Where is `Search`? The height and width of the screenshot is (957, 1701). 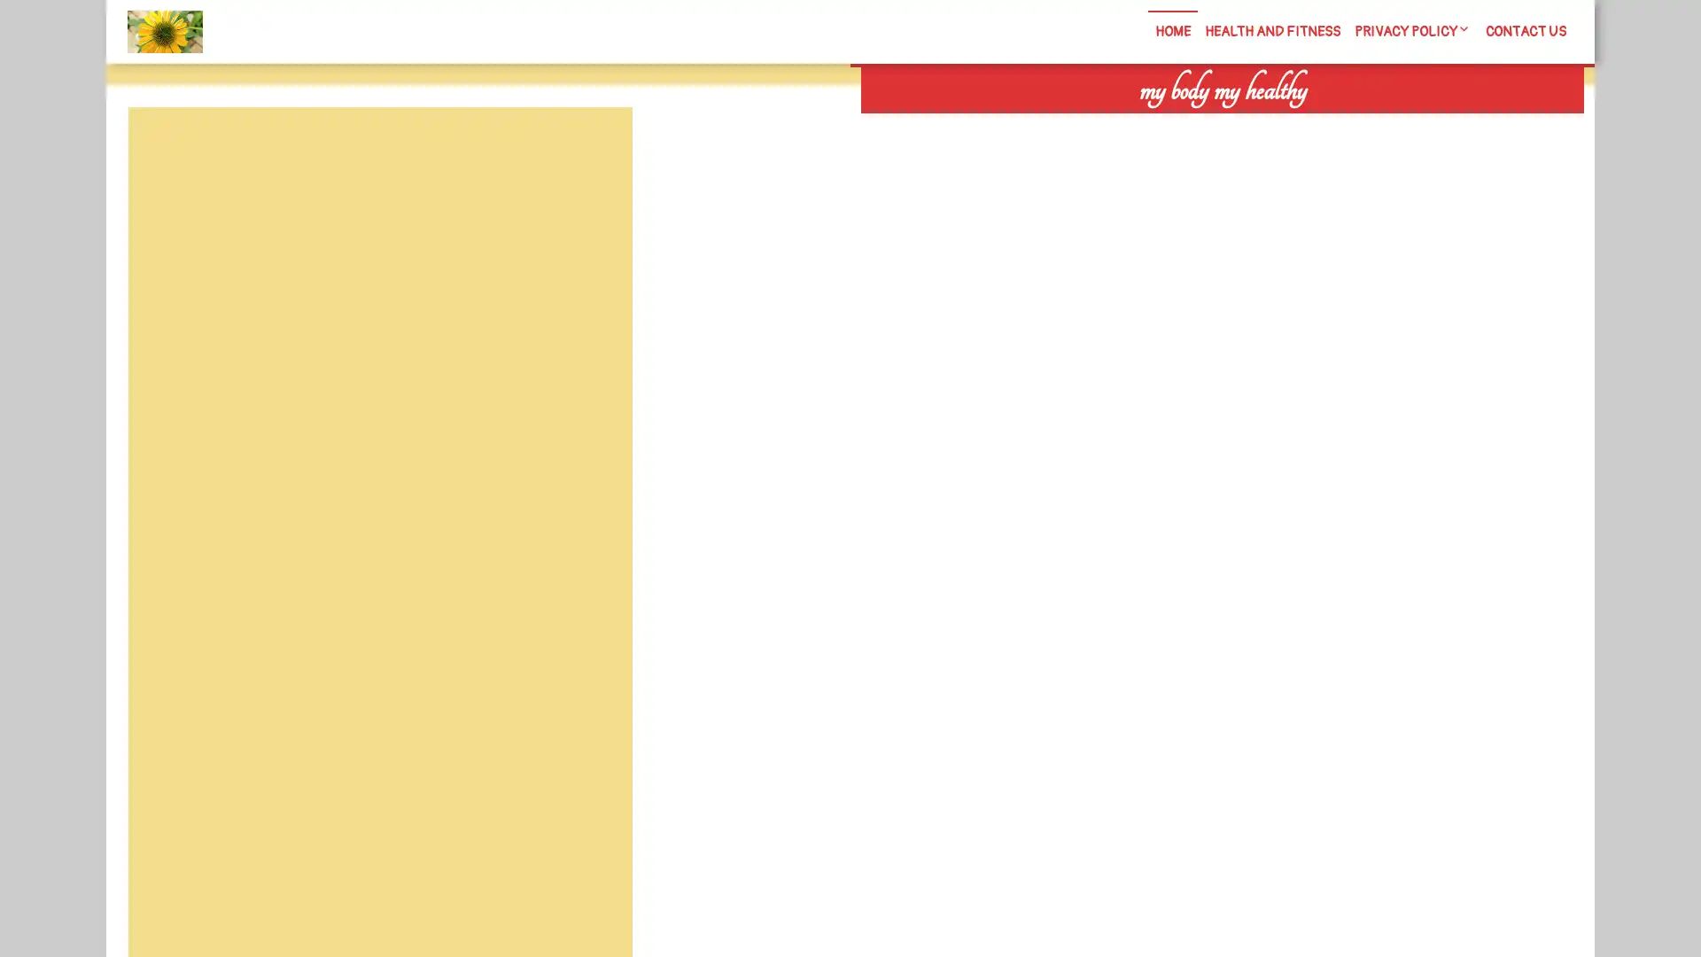 Search is located at coordinates (591, 149).